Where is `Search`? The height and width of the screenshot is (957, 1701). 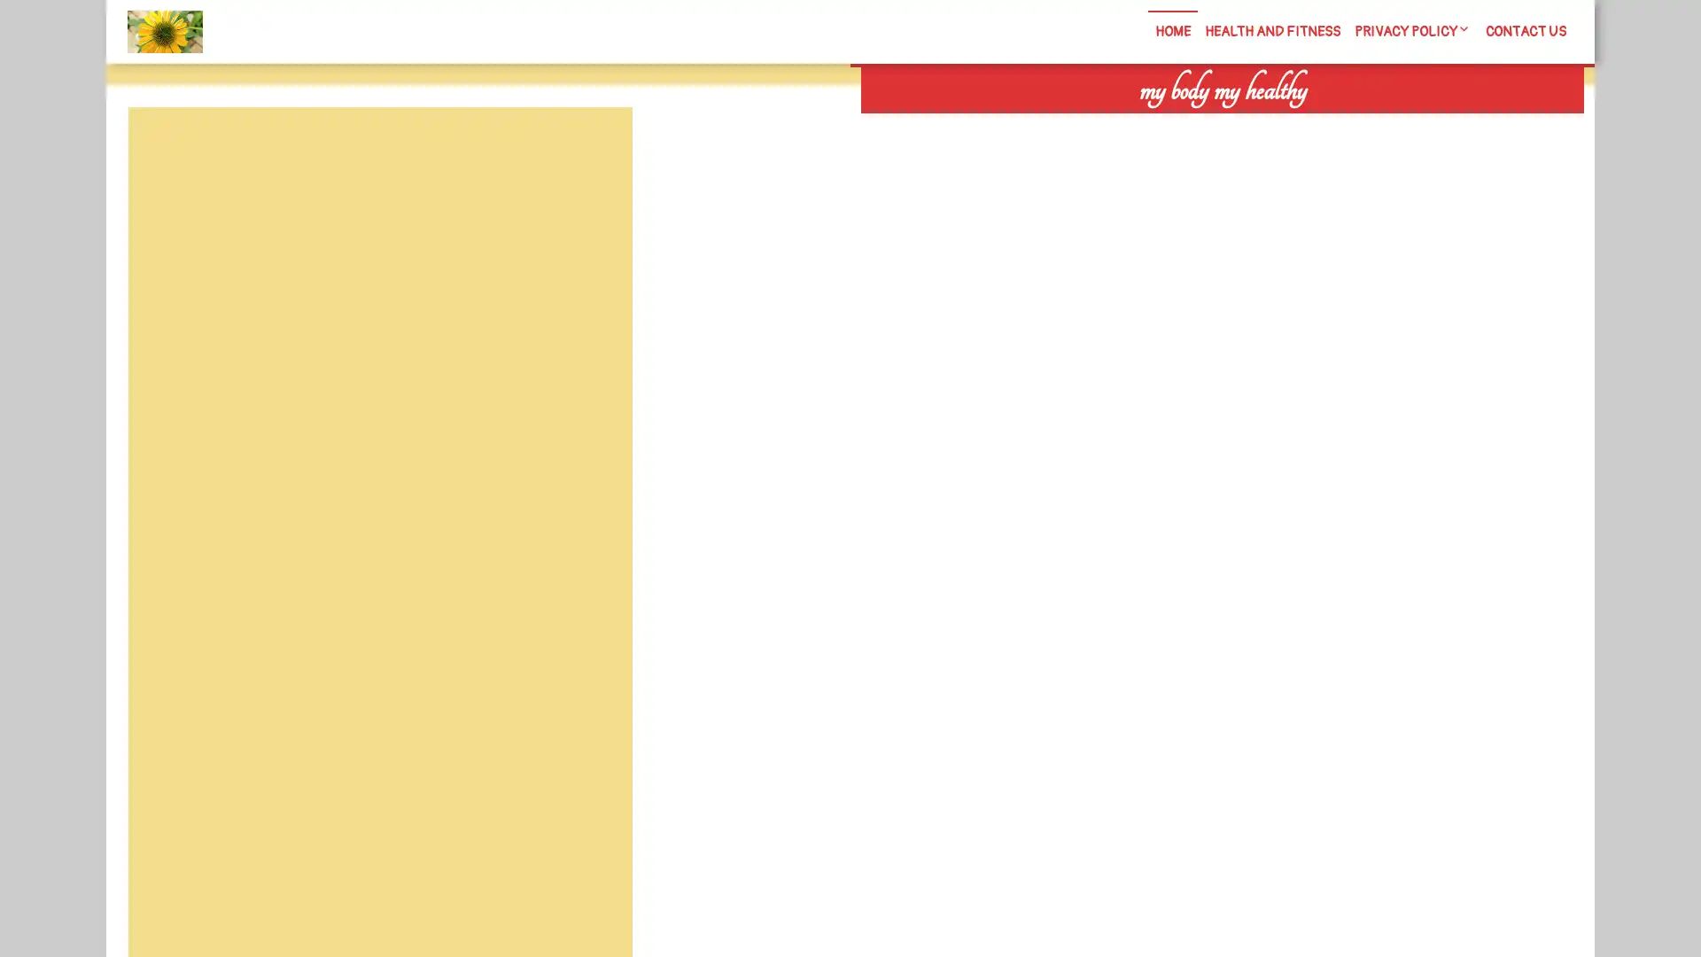 Search is located at coordinates (591, 149).